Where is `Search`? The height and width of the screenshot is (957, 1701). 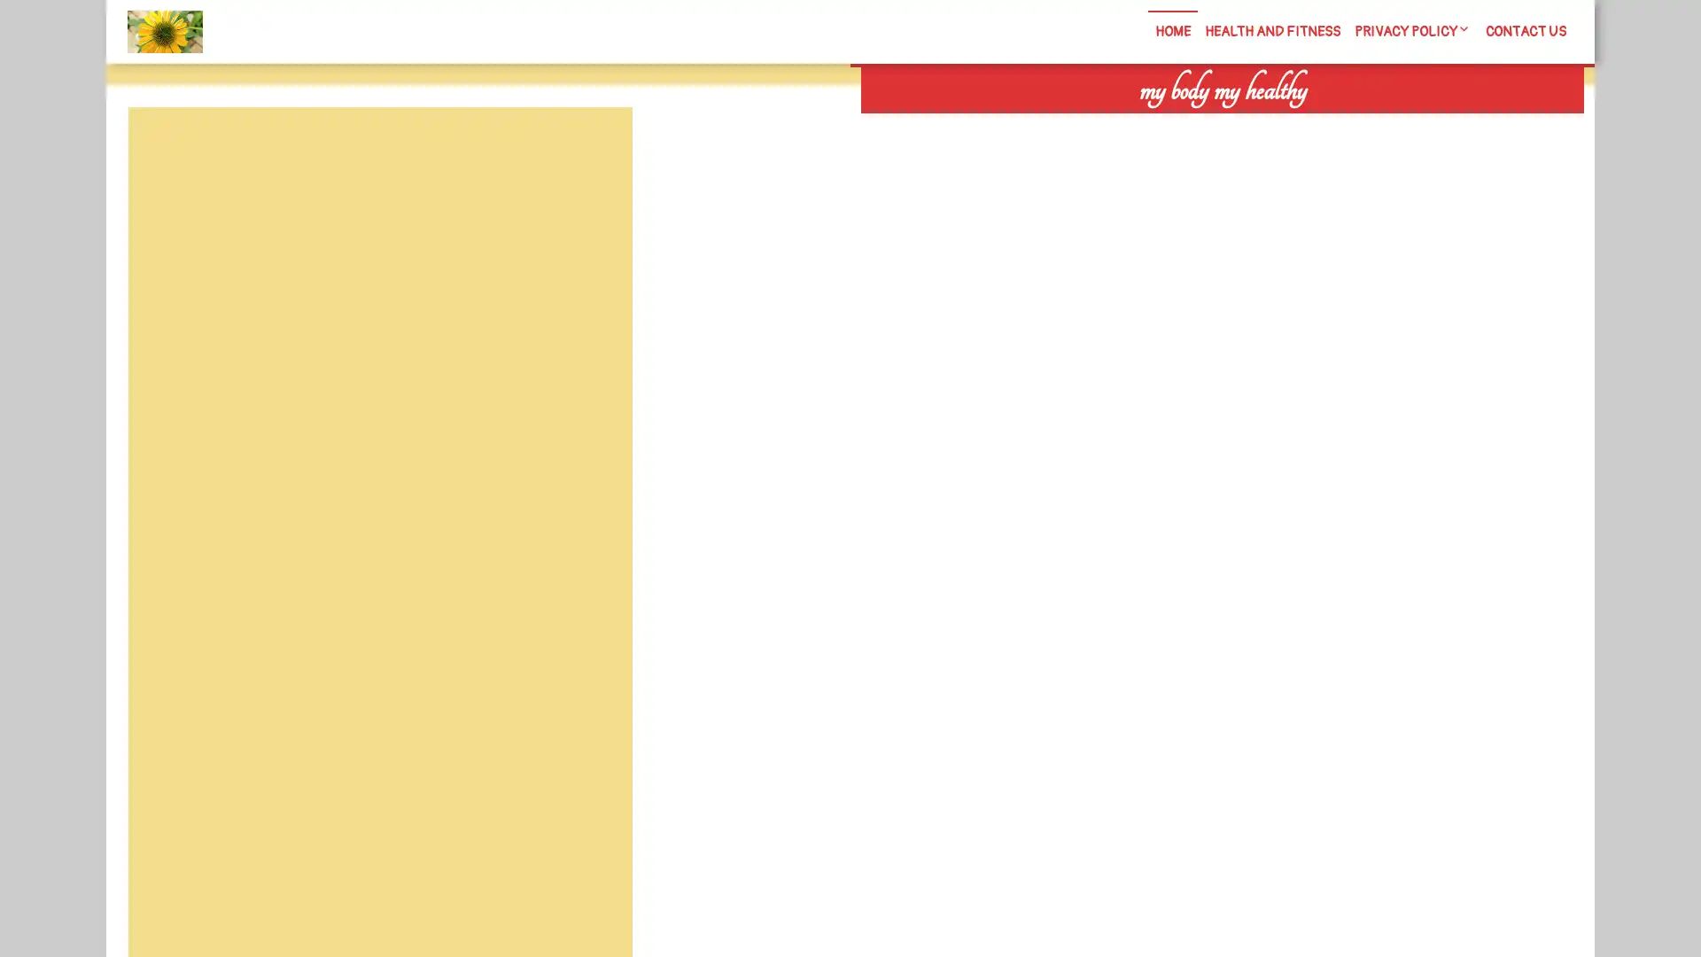 Search is located at coordinates (591, 149).